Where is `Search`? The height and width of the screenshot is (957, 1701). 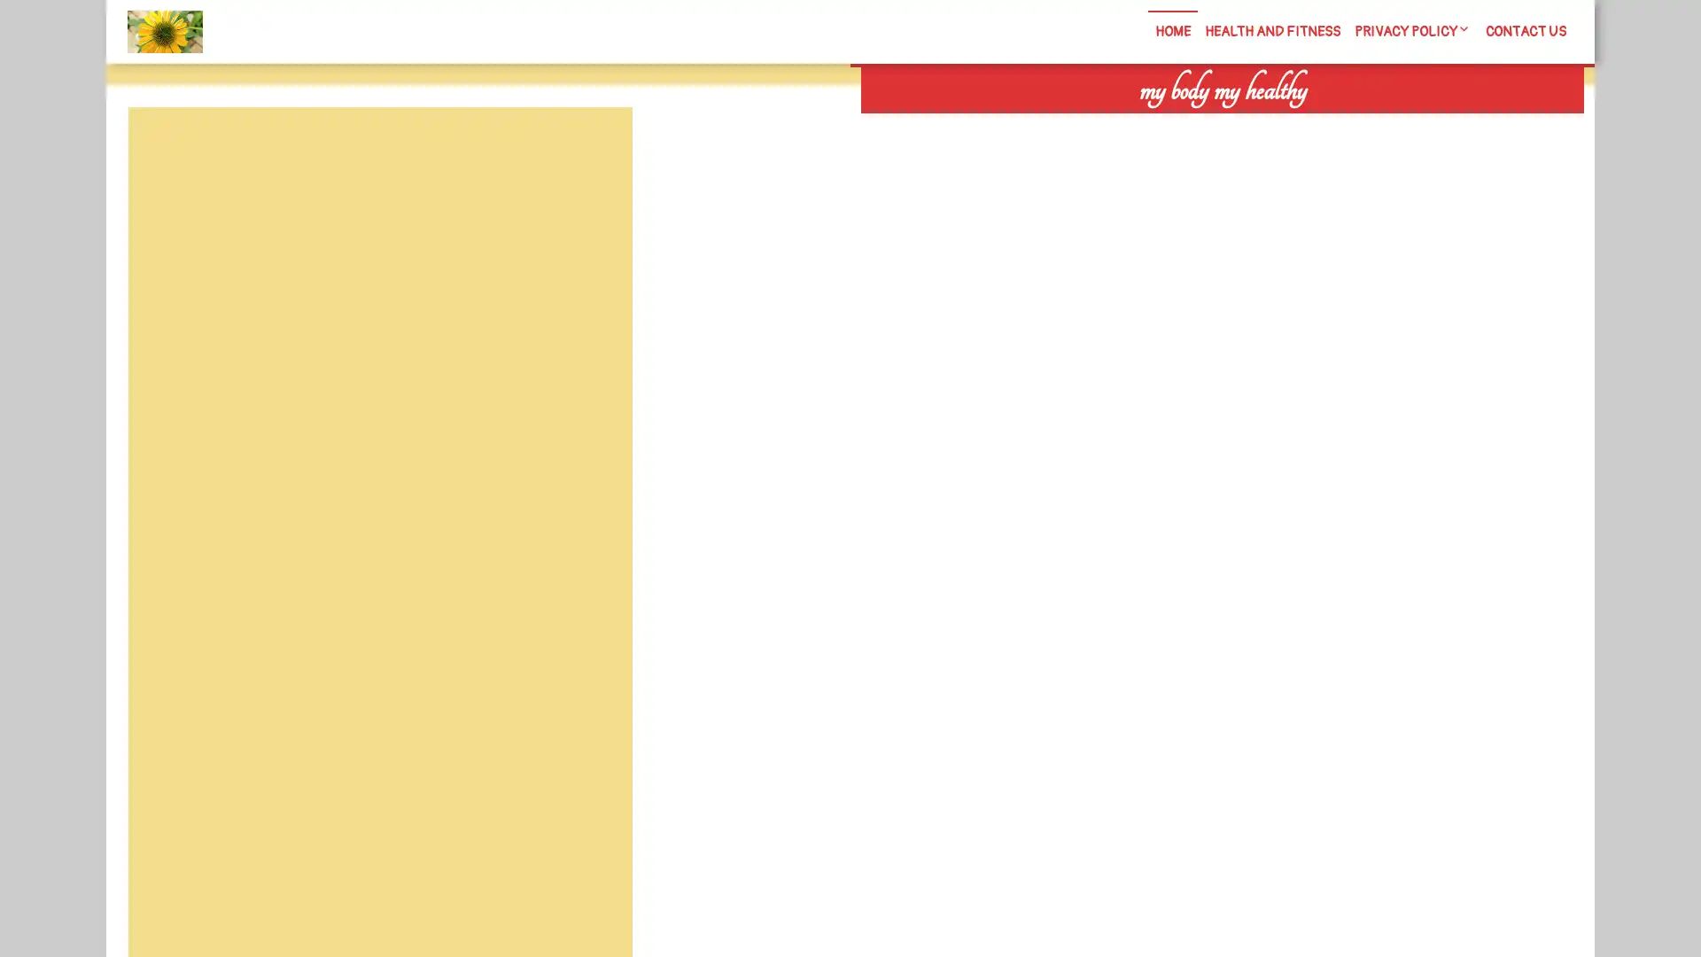 Search is located at coordinates (591, 149).